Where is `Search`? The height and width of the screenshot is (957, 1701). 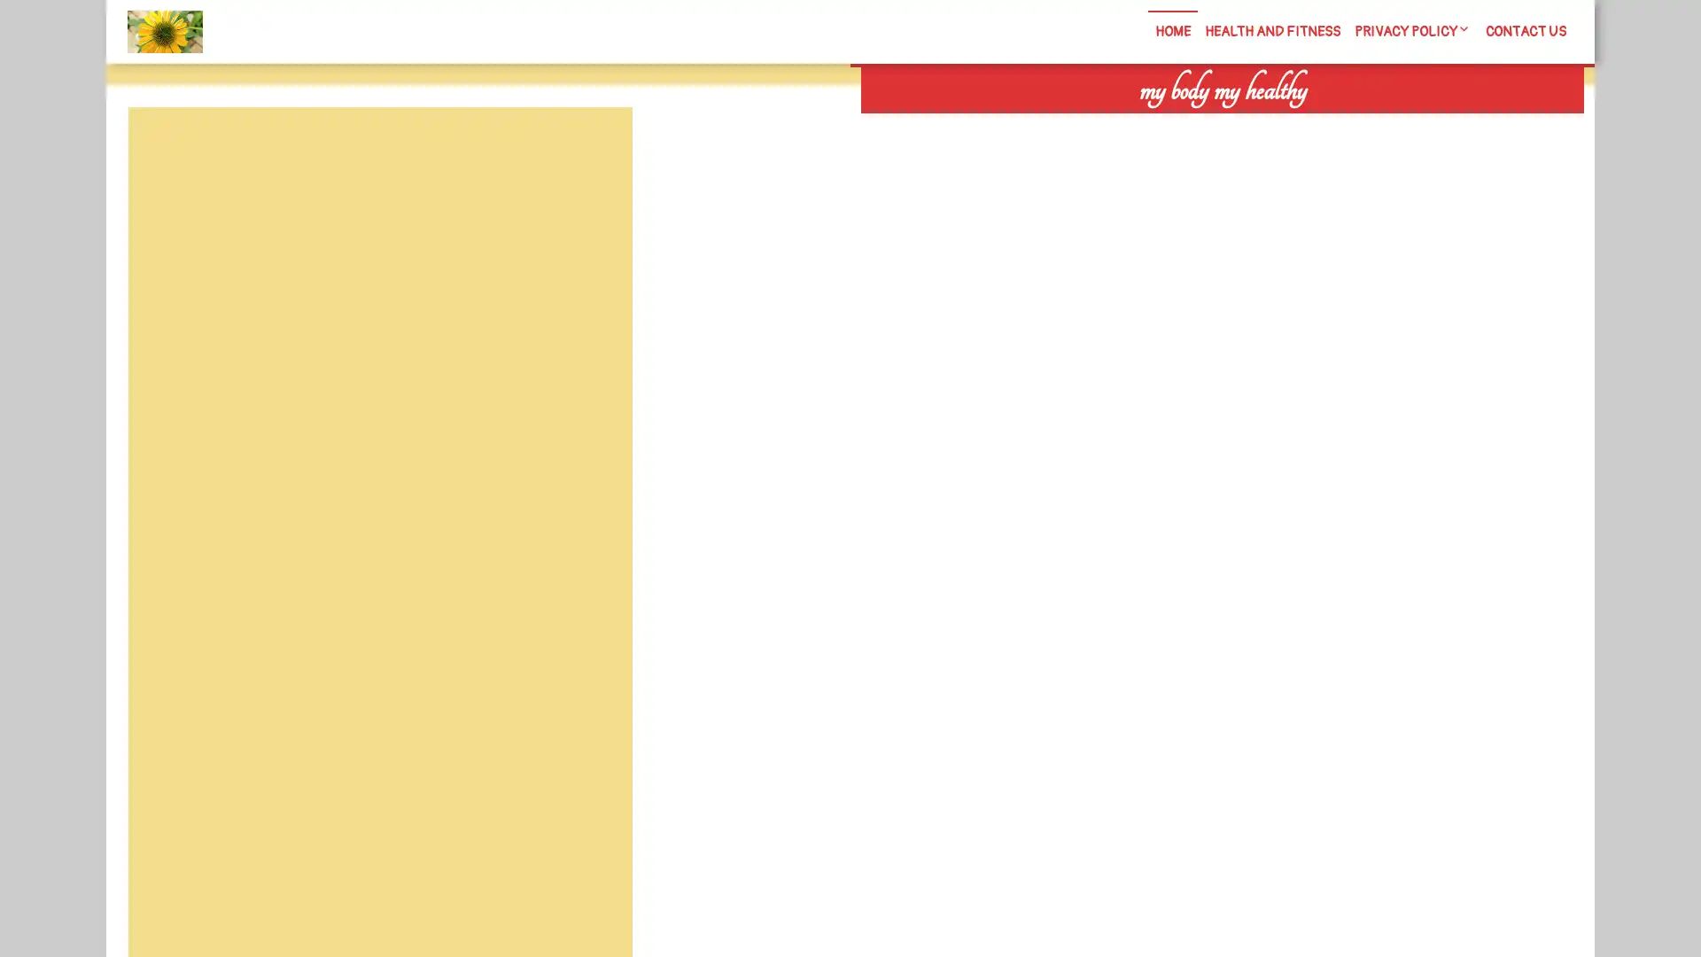 Search is located at coordinates (591, 149).